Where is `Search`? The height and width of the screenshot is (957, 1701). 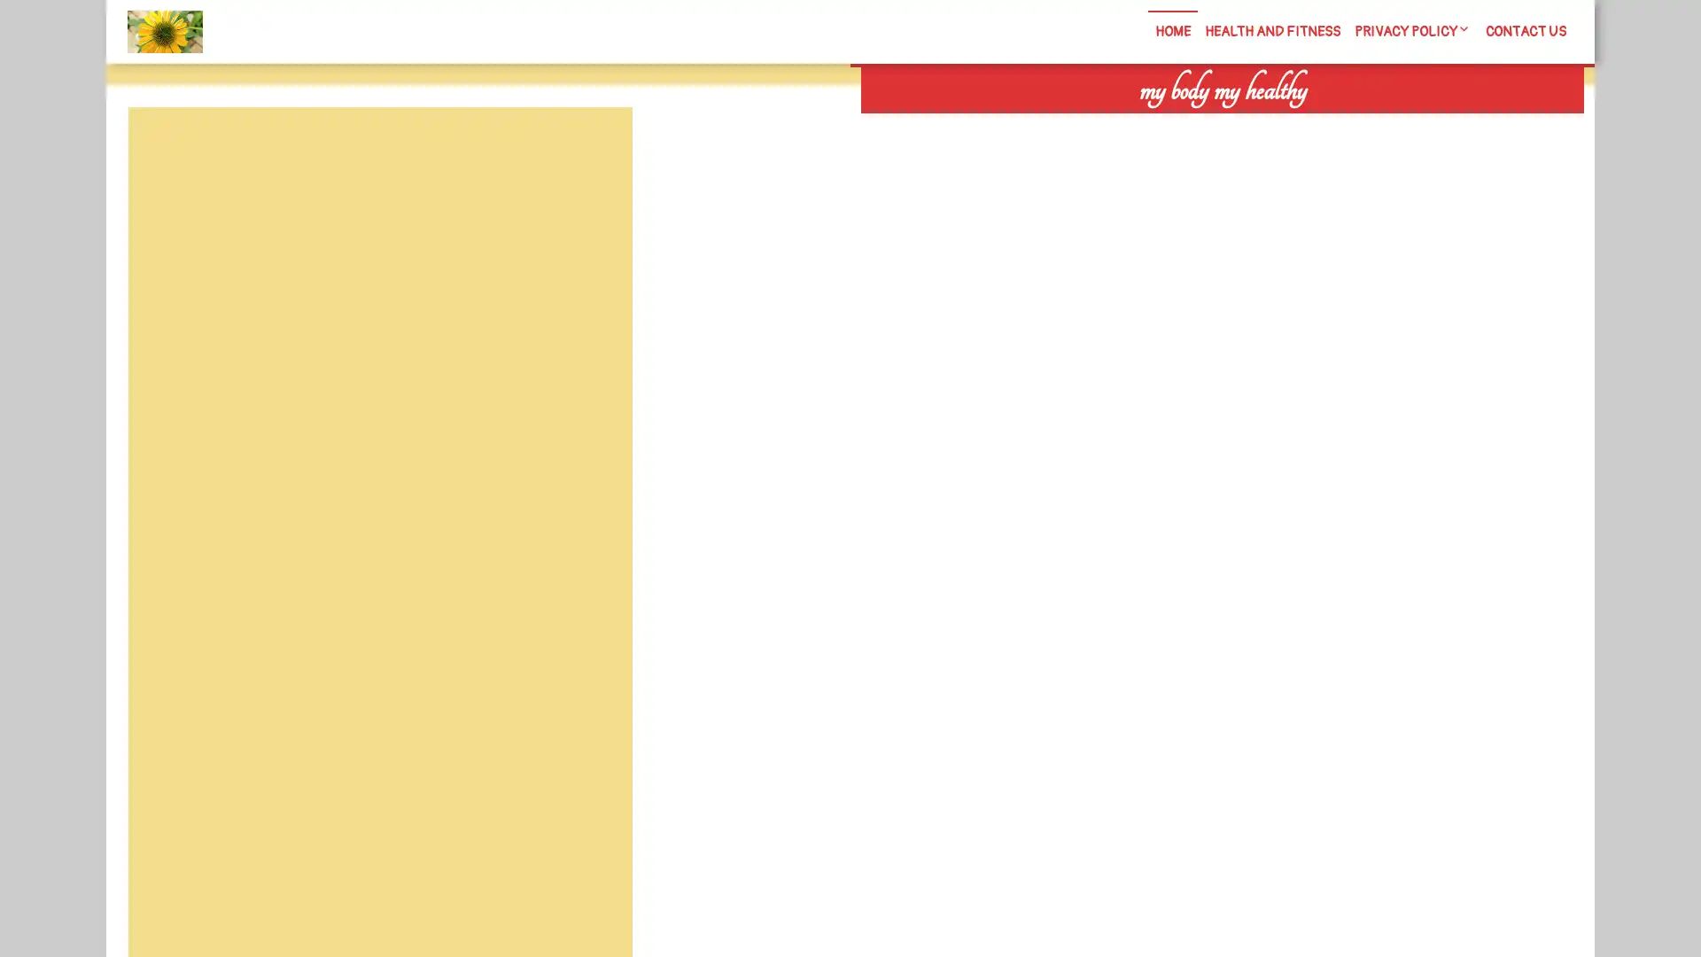 Search is located at coordinates (591, 149).